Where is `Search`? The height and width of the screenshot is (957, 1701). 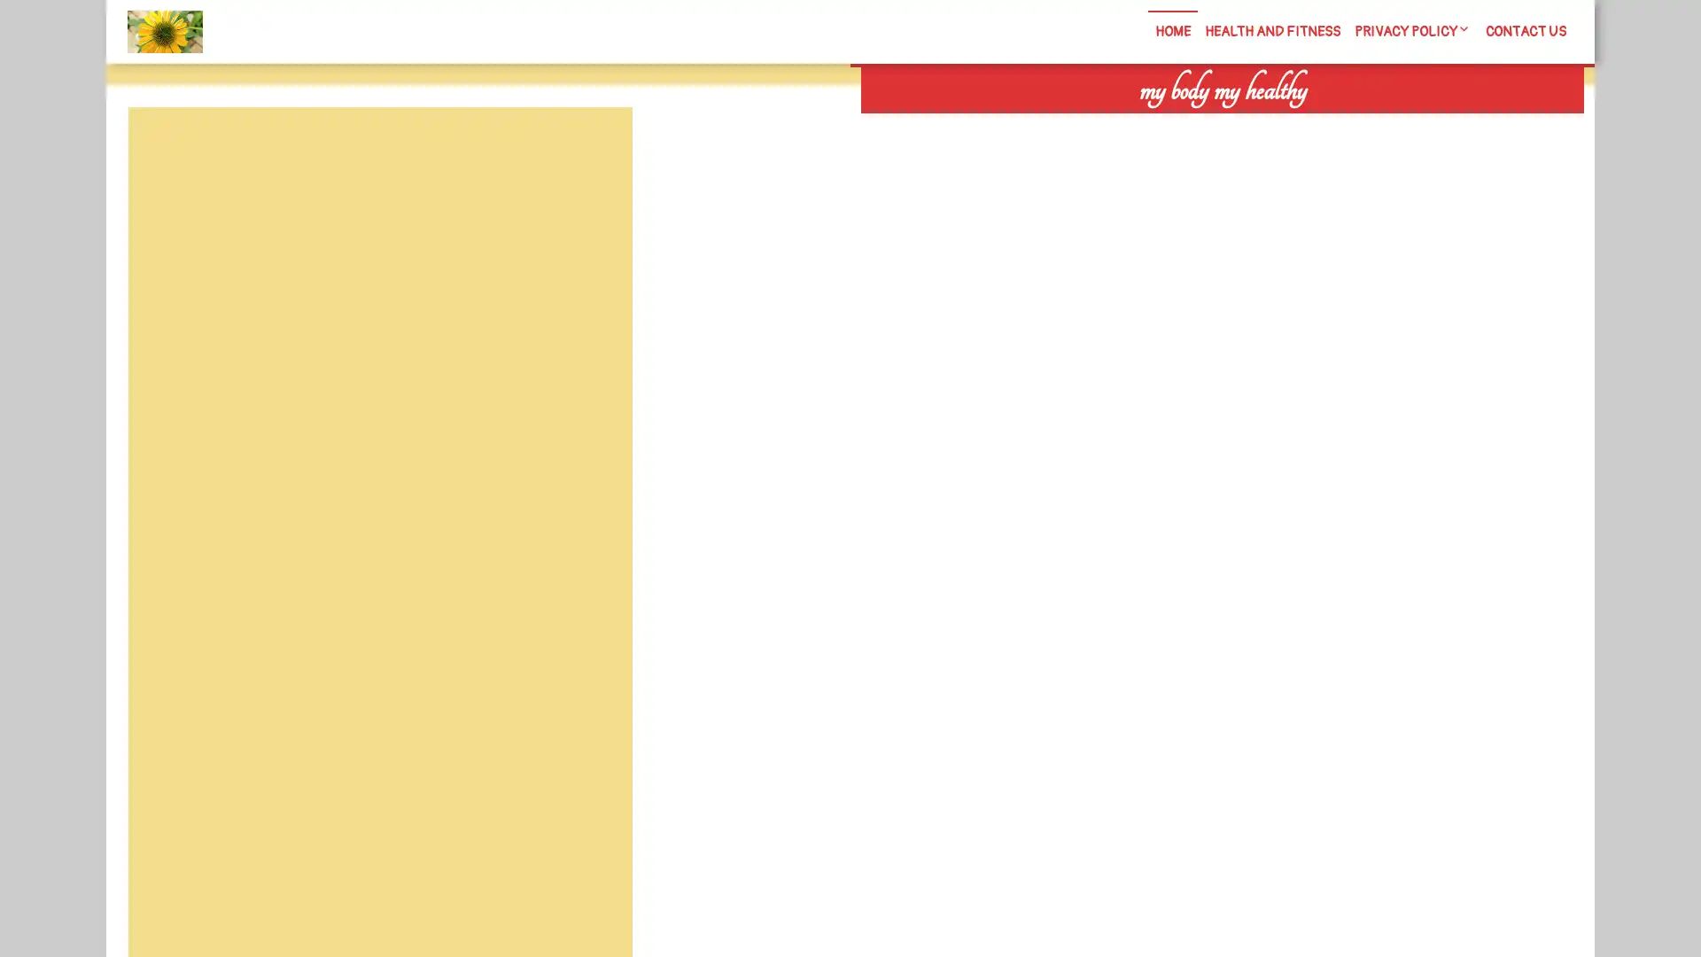 Search is located at coordinates (591, 149).